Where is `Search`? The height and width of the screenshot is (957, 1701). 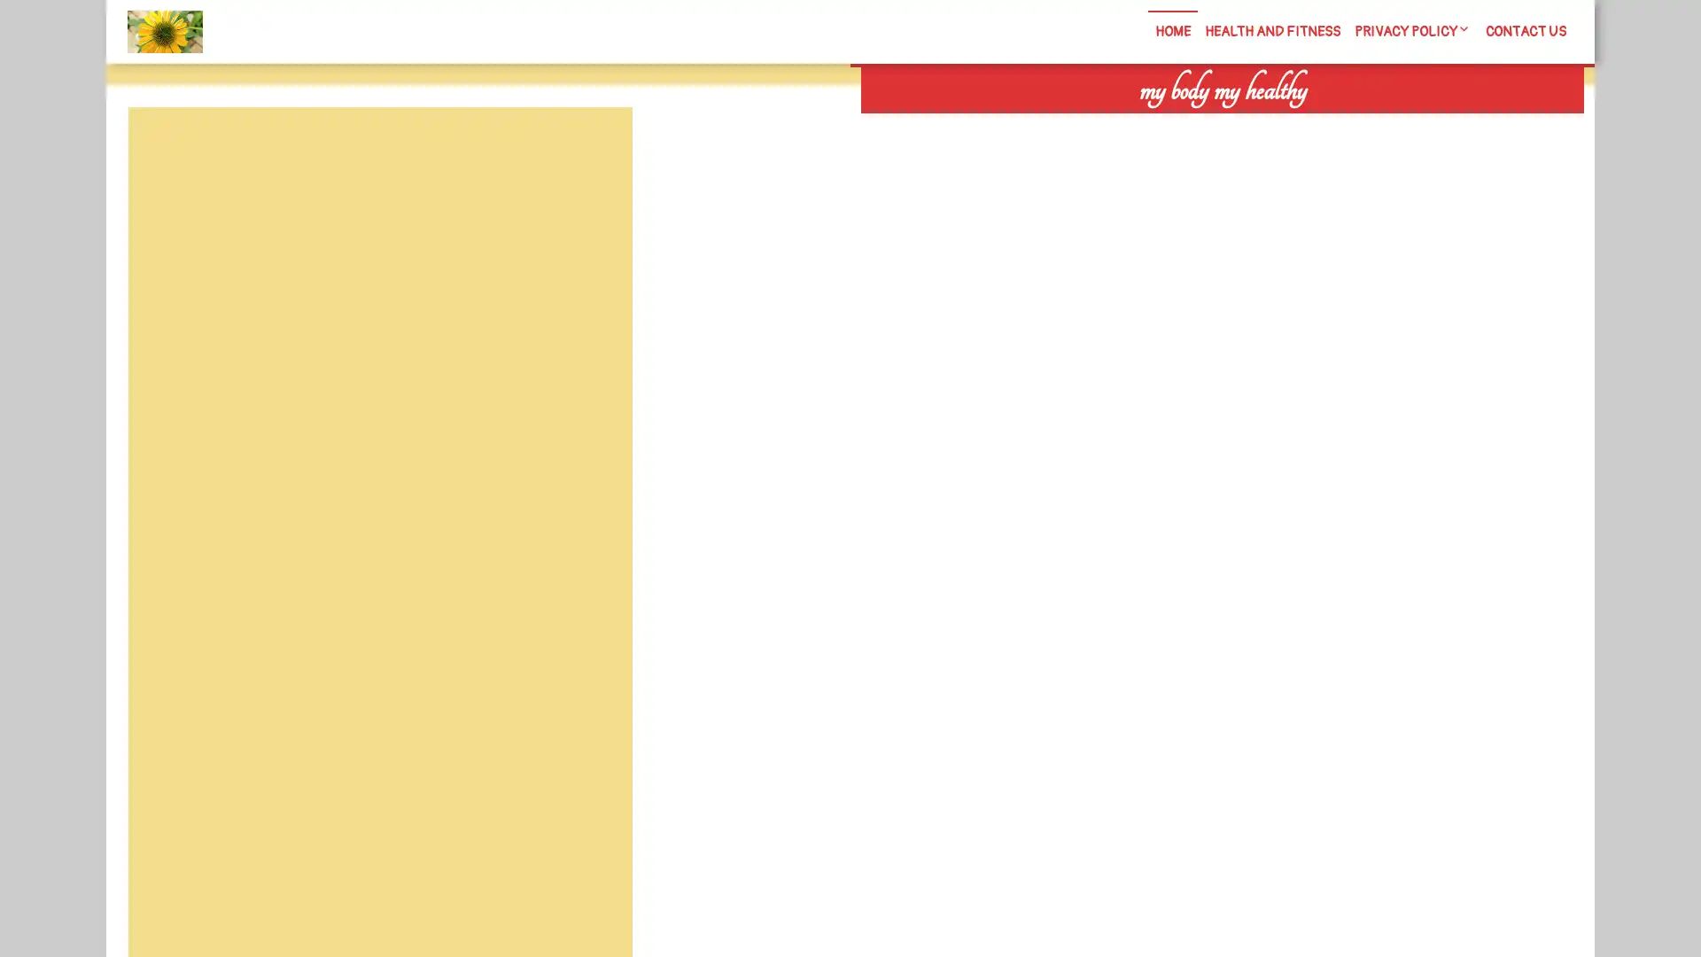 Search is located at coordinates (591, 149).